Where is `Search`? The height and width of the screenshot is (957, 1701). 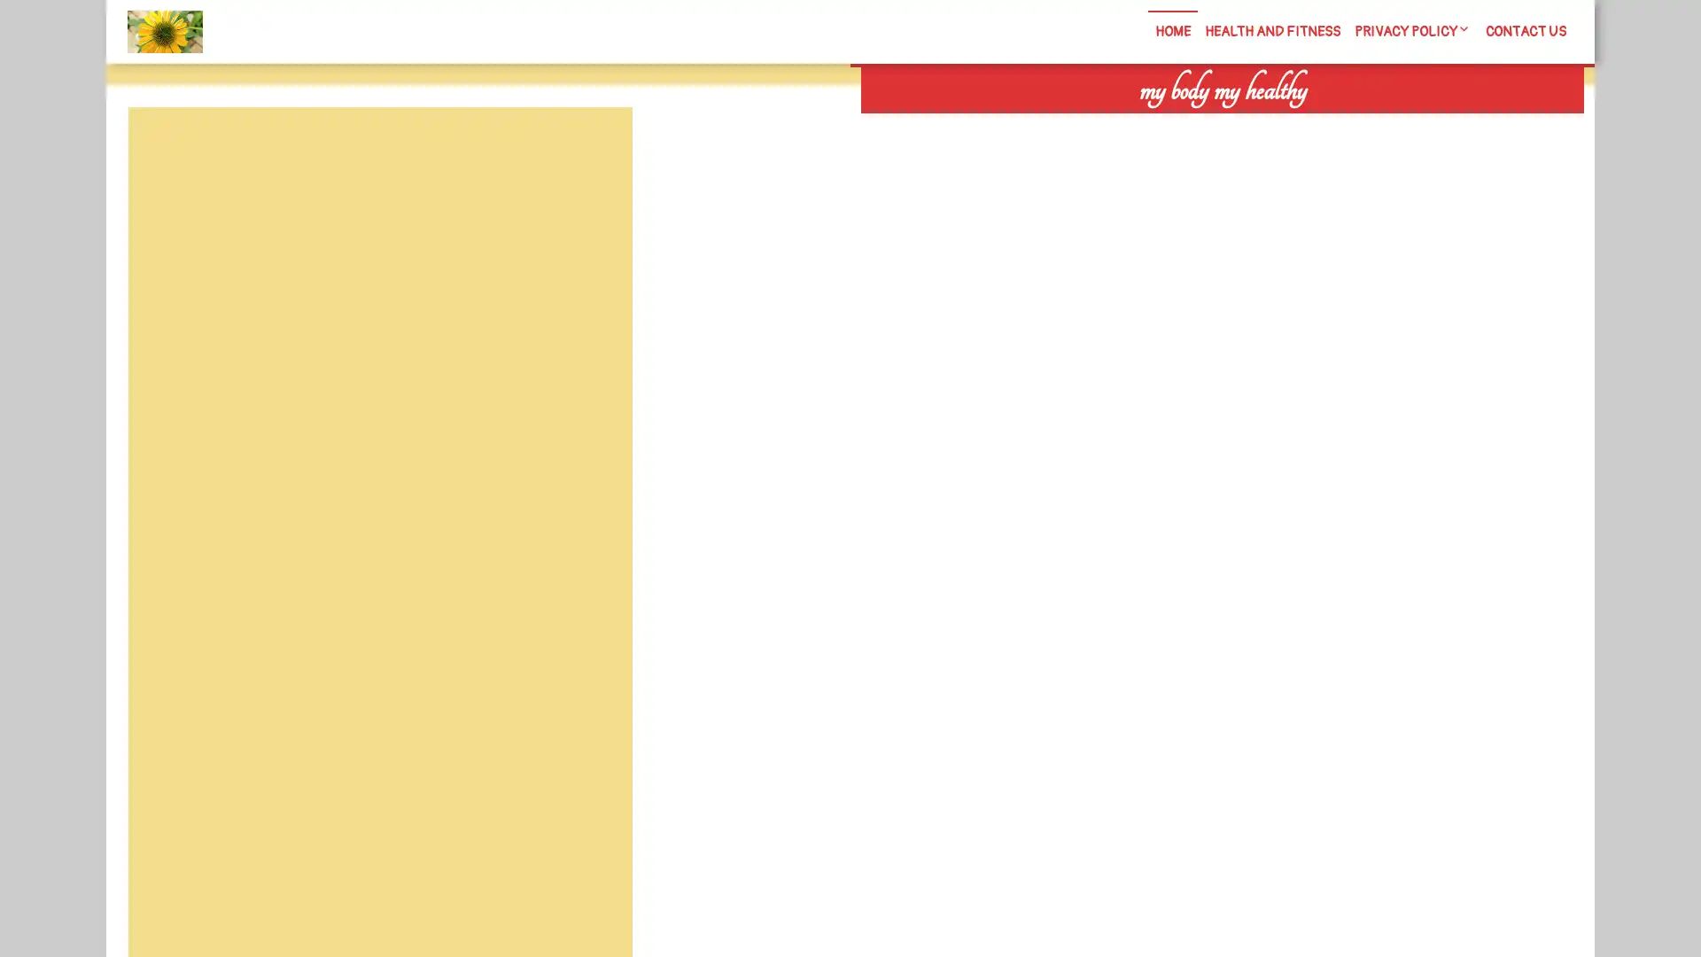 Search is located at coordinates (591, 149).